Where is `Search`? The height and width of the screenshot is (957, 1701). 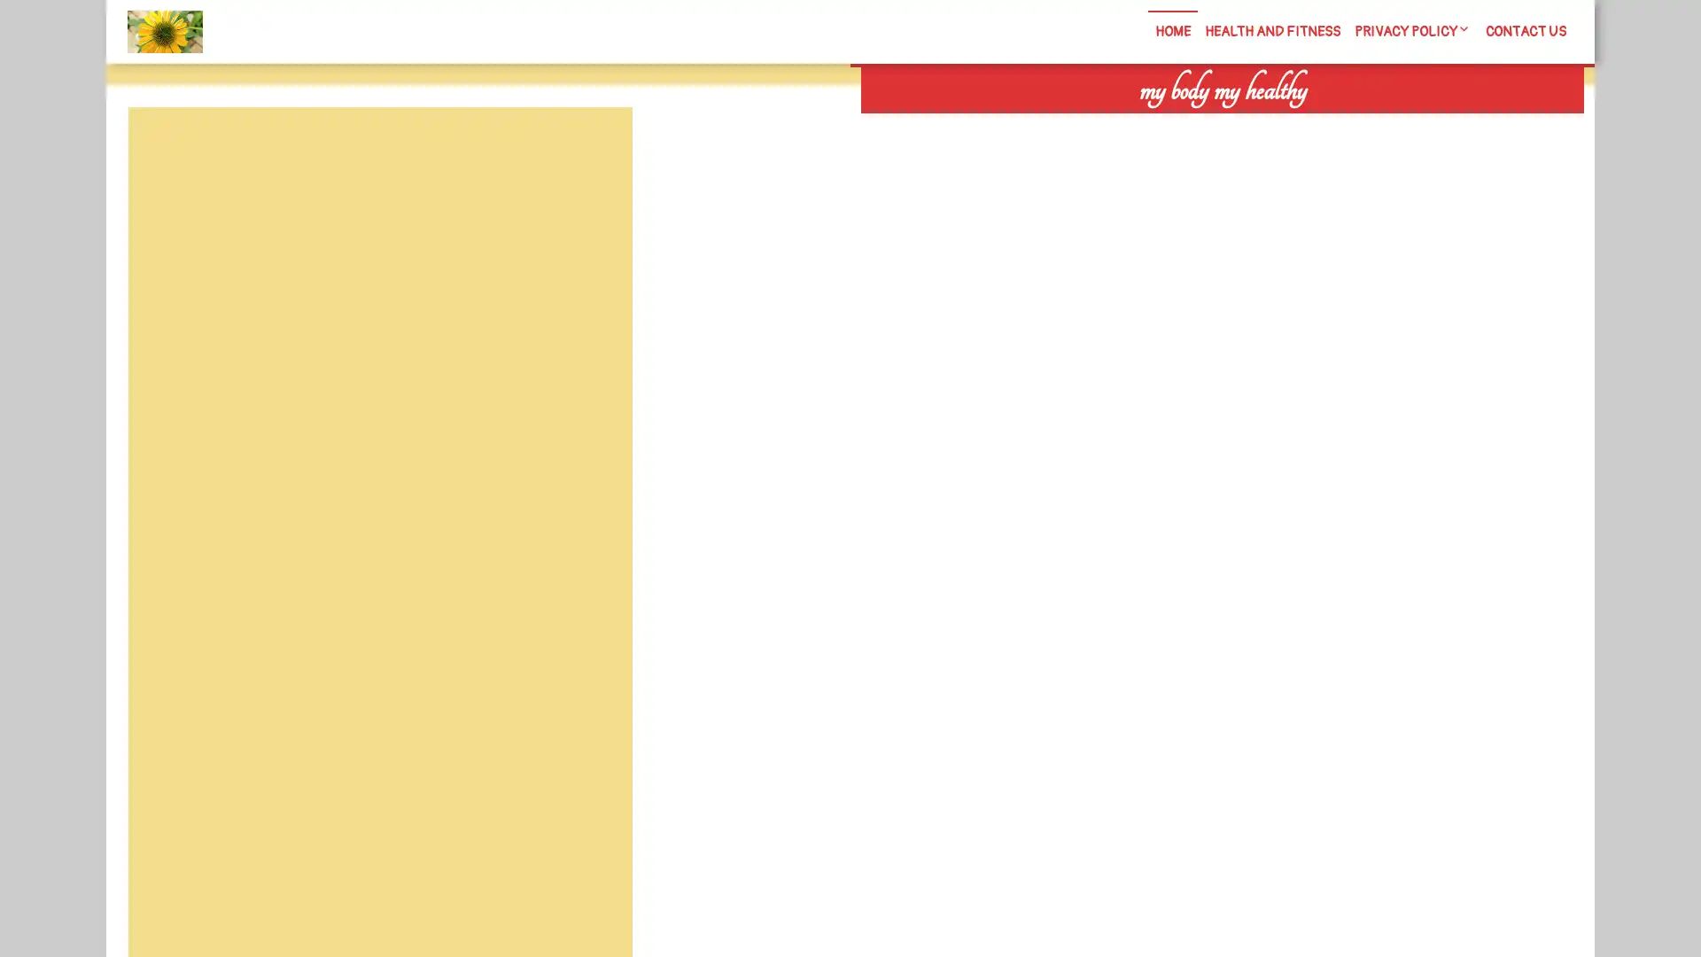 Search is located at coordinates (591, 149).